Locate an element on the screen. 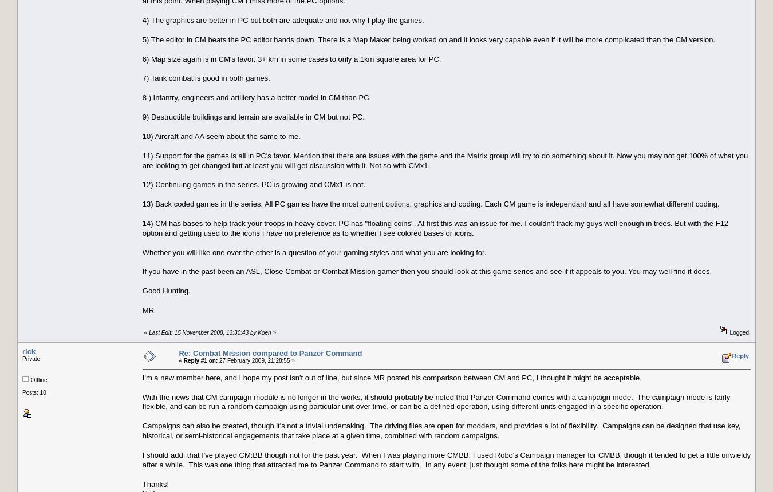 This screenshot has width=773, height=492. 'MR' is located at coordinates (141, 310).